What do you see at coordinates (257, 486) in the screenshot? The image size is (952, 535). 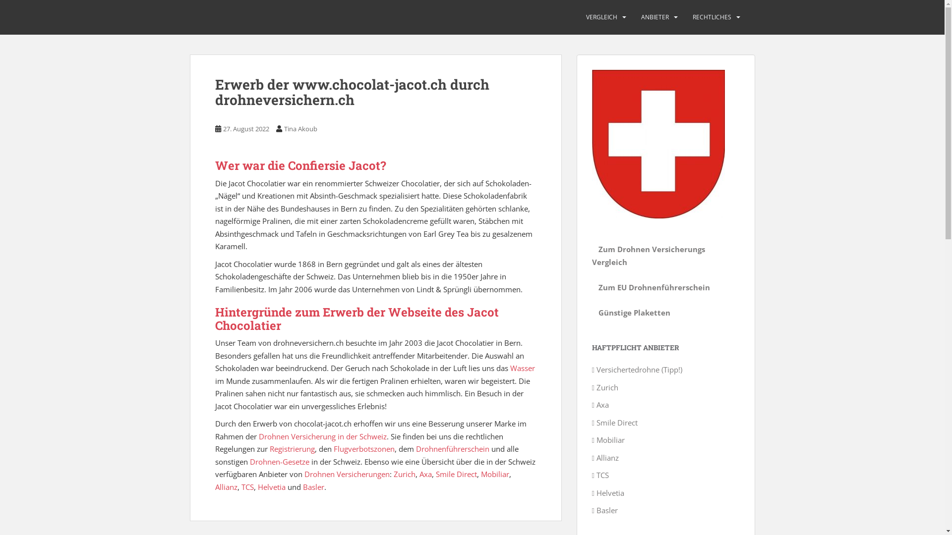 I see `'Helvetia'` at bounding box center [257, 486].